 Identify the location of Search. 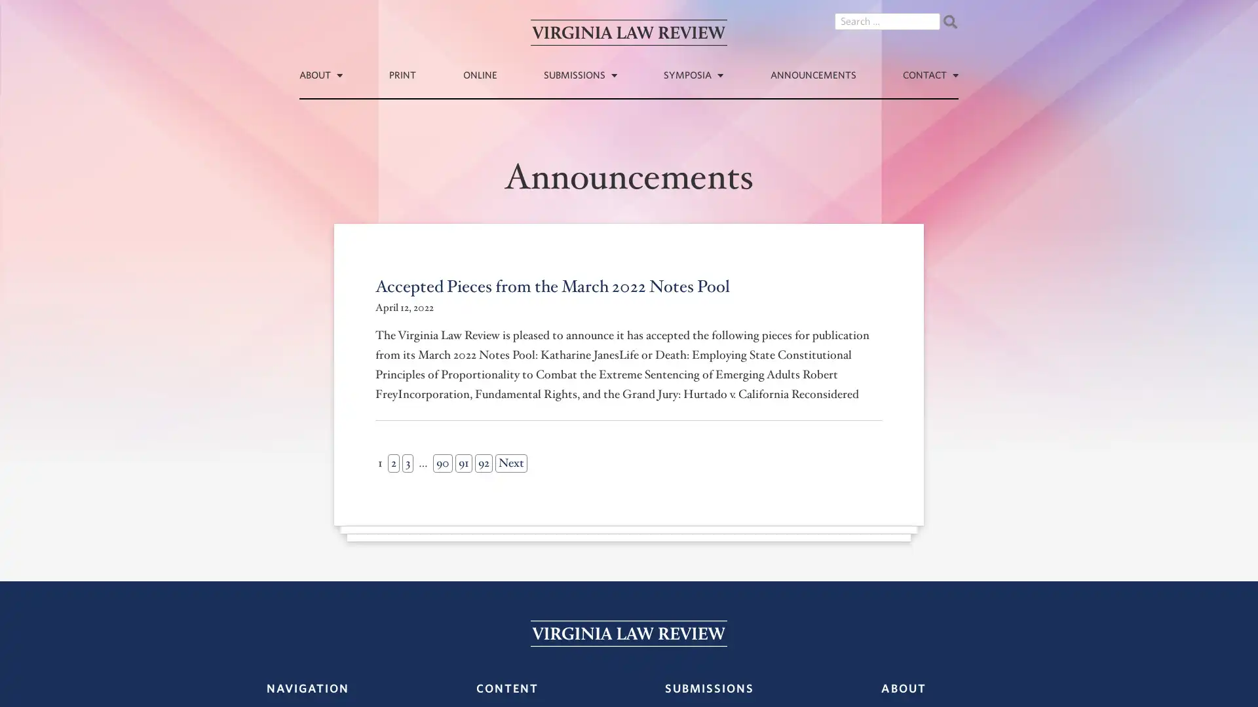
(949, 22).